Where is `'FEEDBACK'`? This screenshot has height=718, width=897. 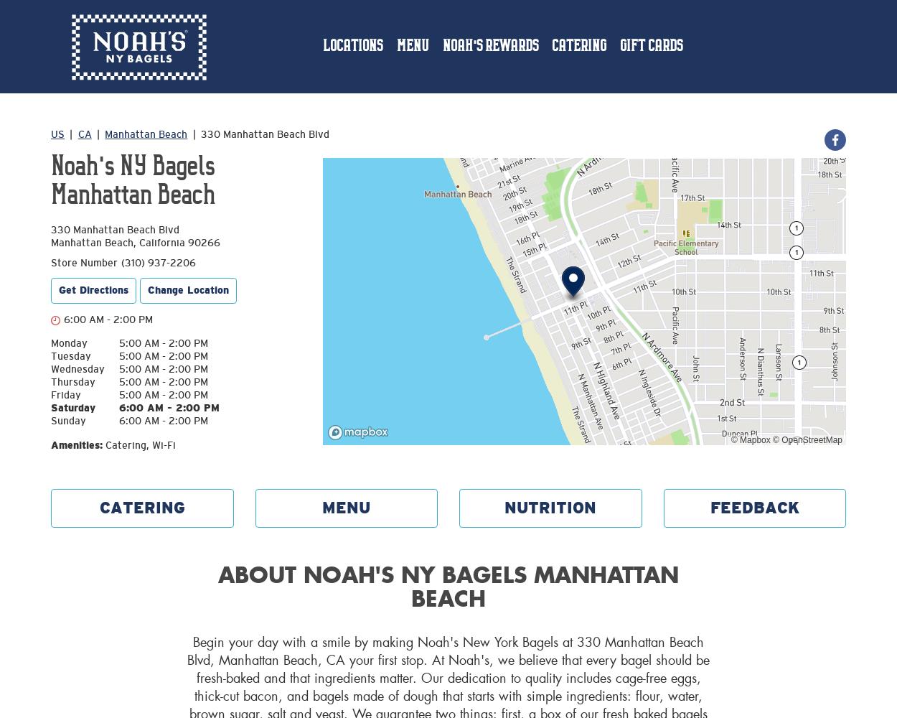
'FEEDBACK' is located at coordinates (754, 508).